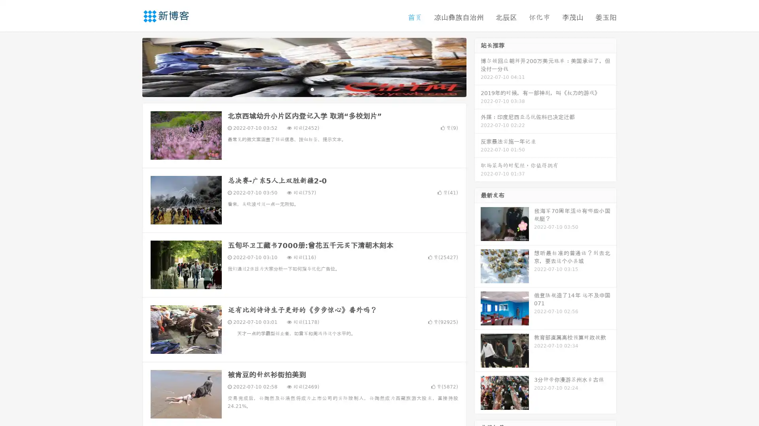 This screenshot has height=426, width=759. I want to click on Go to slide 1, so click(296, 89).